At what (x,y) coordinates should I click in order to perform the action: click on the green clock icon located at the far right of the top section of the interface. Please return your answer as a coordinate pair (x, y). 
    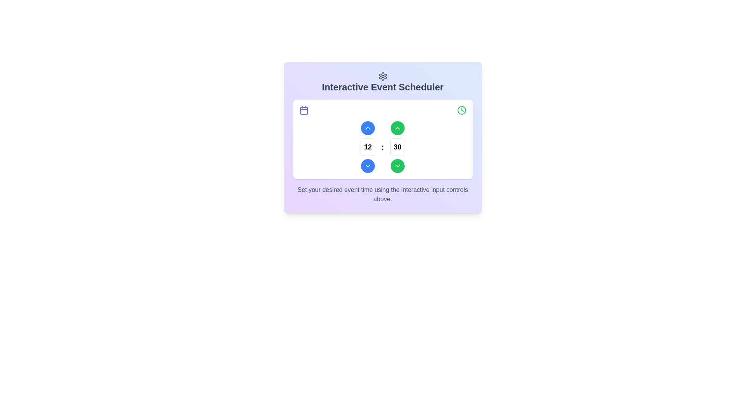
    Looking at the image, I should click on (461, 110).